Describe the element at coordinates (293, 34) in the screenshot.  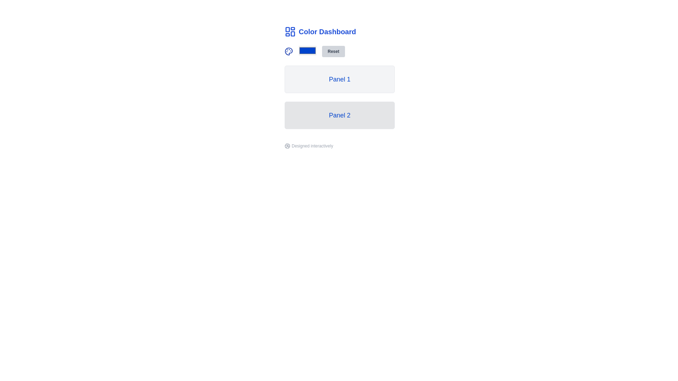
I see `the bottom-right segment of the segmented icon representing the 'Color Dashboard', which is styled in a neutral color and has rounded corners` at that location.